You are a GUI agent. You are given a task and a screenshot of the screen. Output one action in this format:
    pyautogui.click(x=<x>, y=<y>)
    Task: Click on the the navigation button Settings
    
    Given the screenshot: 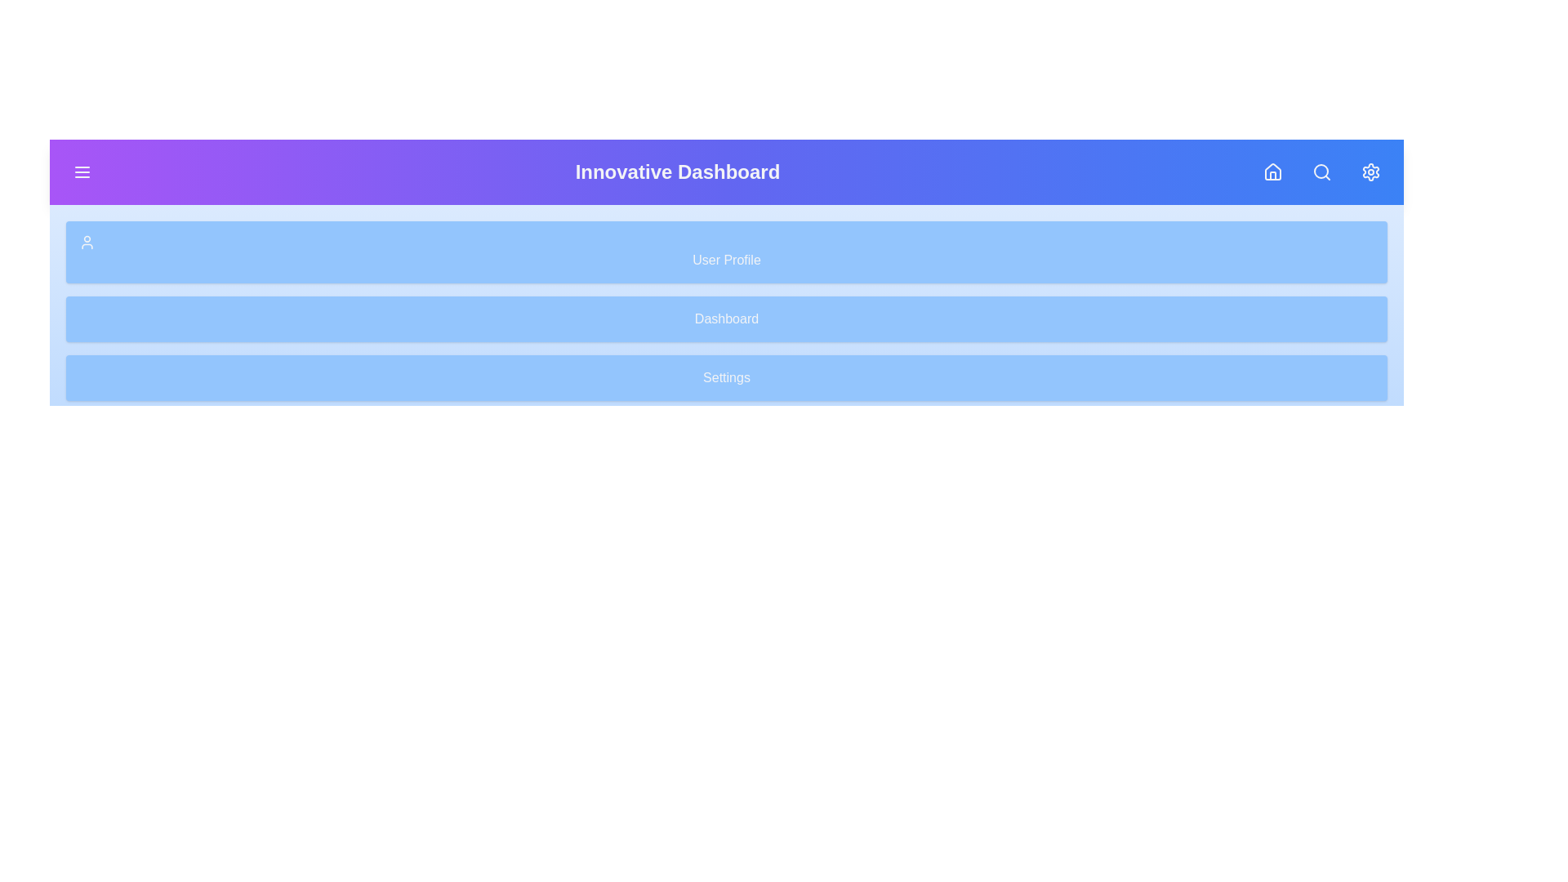 What is the action you would take?
    pyautogui.click(x=1371, y=172)
    